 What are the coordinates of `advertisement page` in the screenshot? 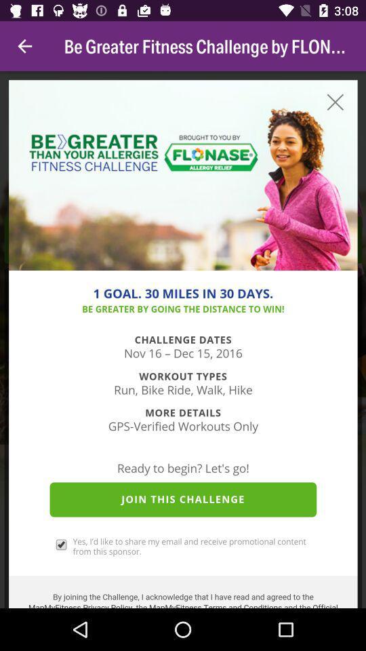 It's located at (183, 339).